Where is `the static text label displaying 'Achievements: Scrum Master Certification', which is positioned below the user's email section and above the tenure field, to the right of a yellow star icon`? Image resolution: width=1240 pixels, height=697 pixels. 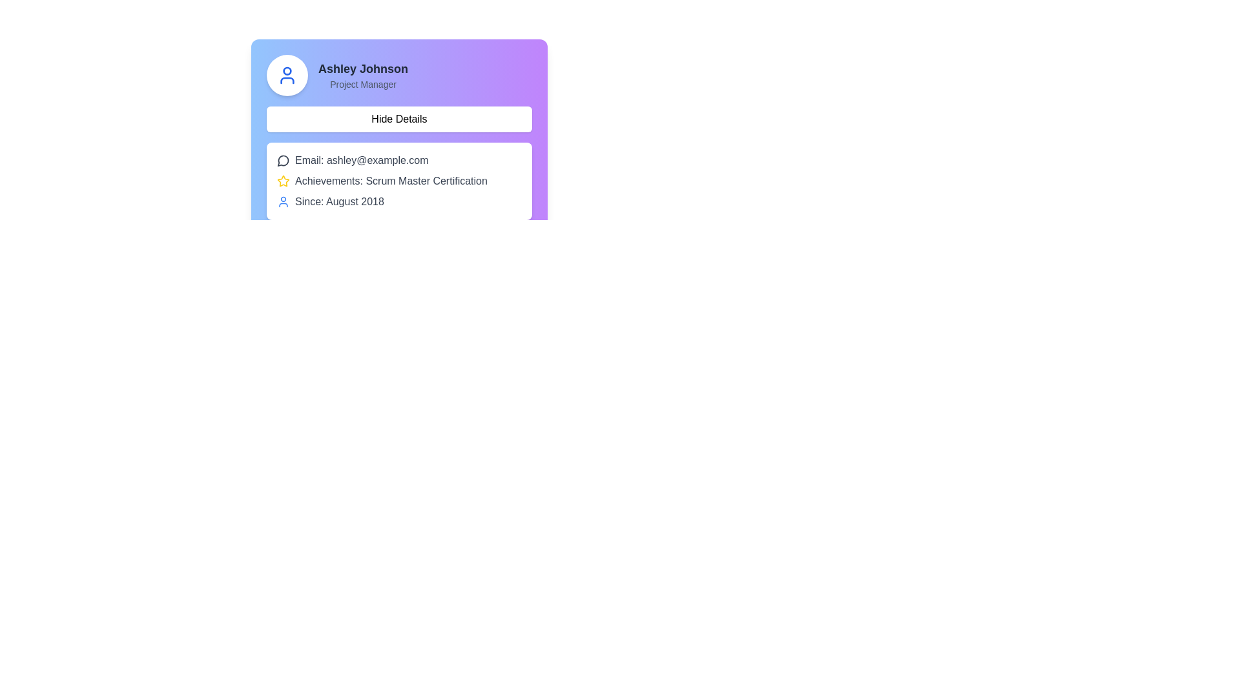
the static text label displaying 'Achievements: Scrum Master Certification', which is positioned below the user's email section and above the tenure field, to the right of a yellow star icon is located at coordinates (390, 181).